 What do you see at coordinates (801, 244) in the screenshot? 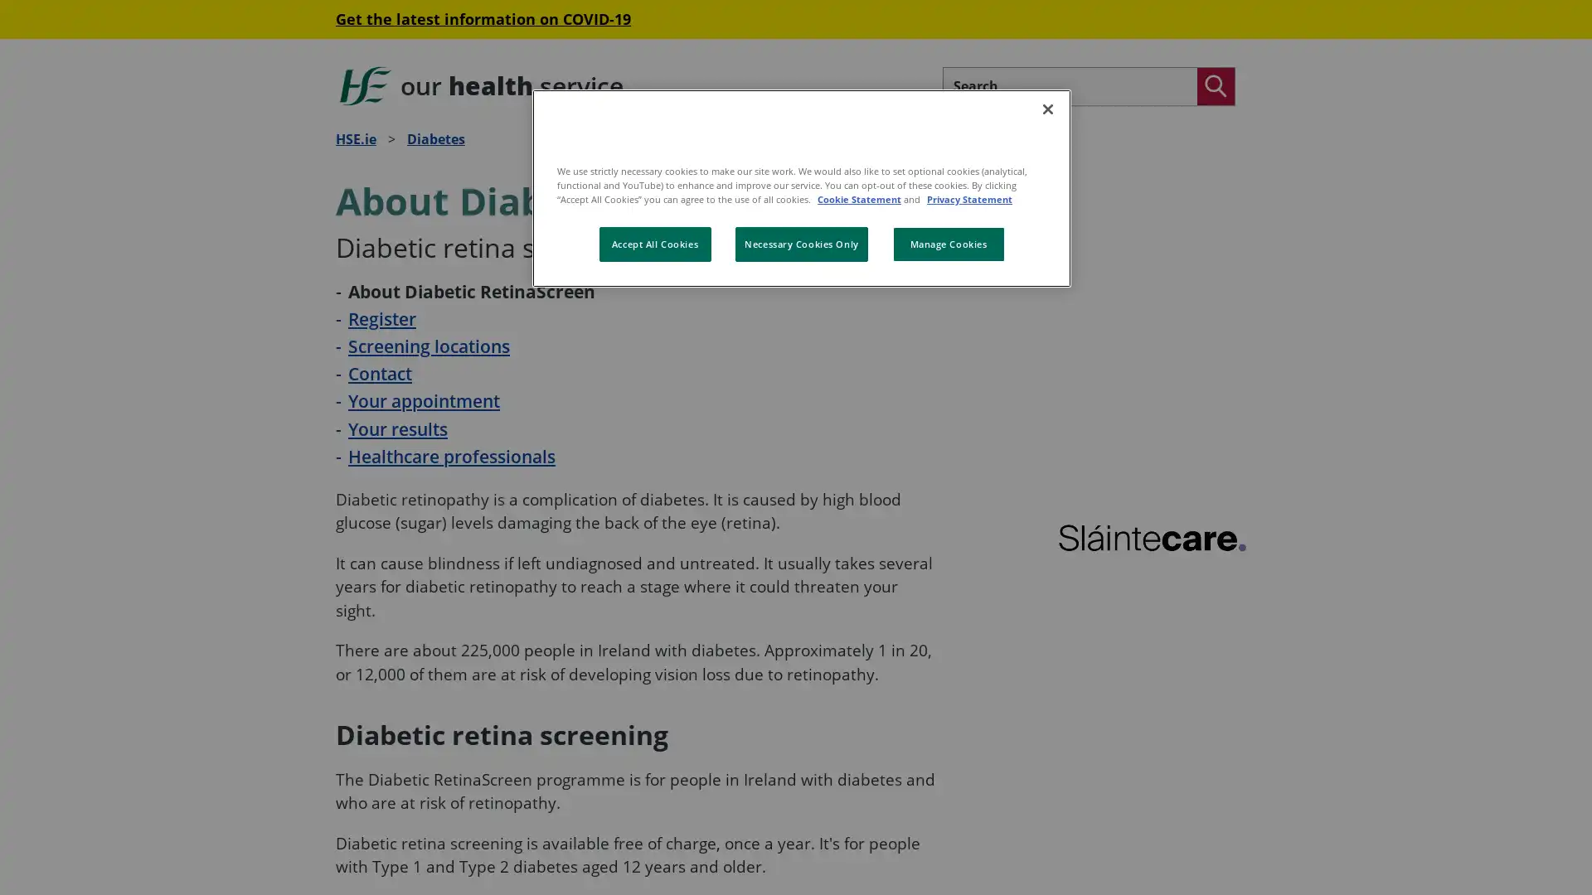
I see `Necessary Cookies Only` at bounding box center [801, 244].